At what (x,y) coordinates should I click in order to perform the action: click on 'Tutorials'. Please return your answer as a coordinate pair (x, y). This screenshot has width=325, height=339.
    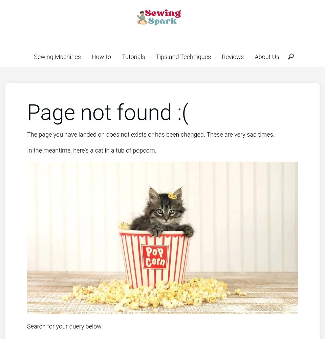
    Looking at the image, I should click on (133, 57).